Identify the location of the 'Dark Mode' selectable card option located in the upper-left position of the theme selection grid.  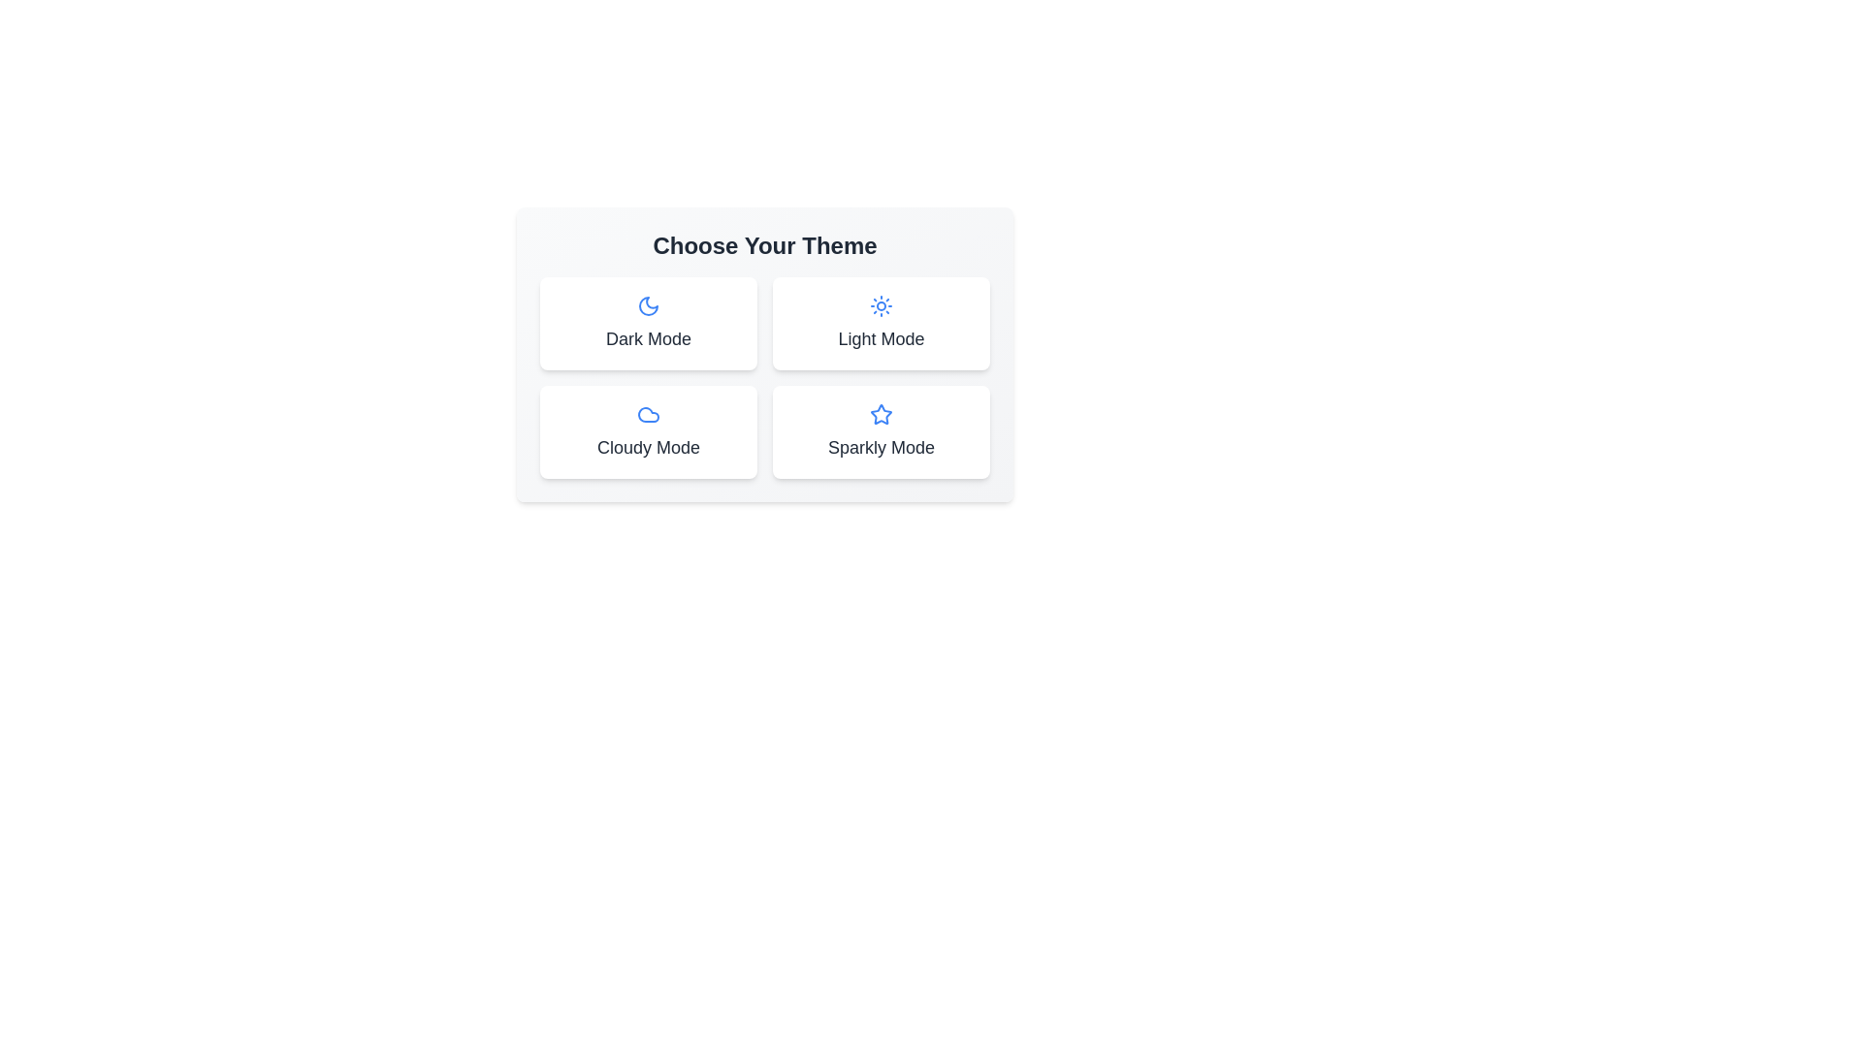
(648, 323).